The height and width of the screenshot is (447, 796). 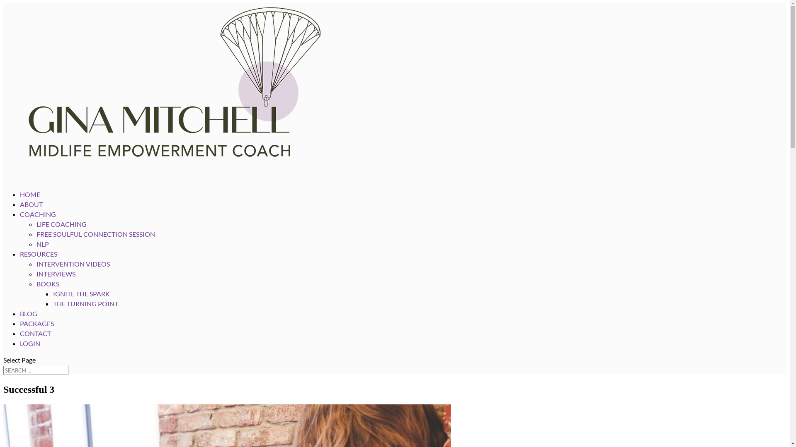 What do you see at coordinates (30, 353) in the screenshot?
I see `'LOGIN'` at bounding box center [30, 353].